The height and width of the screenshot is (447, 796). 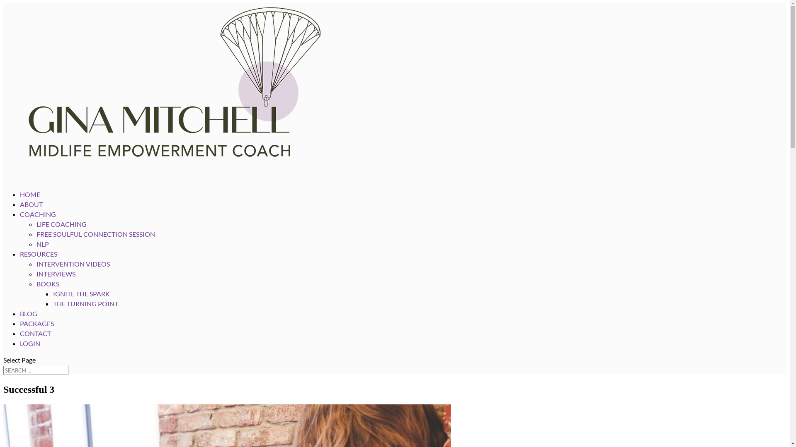 What do you see at coordinates (30, 353) in the screenshot?
I see `'LOGIN'` at bounding box center [30, 353].